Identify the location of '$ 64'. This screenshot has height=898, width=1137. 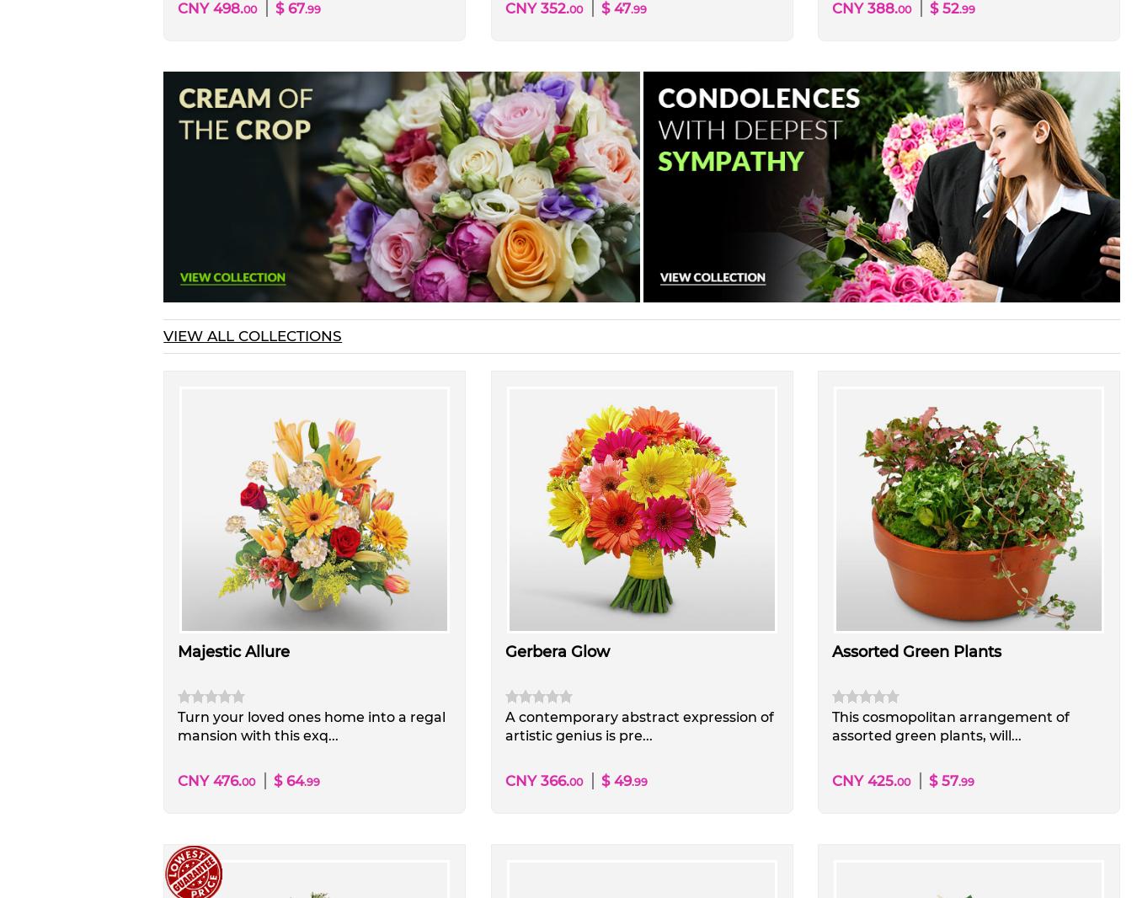
(289, 780).